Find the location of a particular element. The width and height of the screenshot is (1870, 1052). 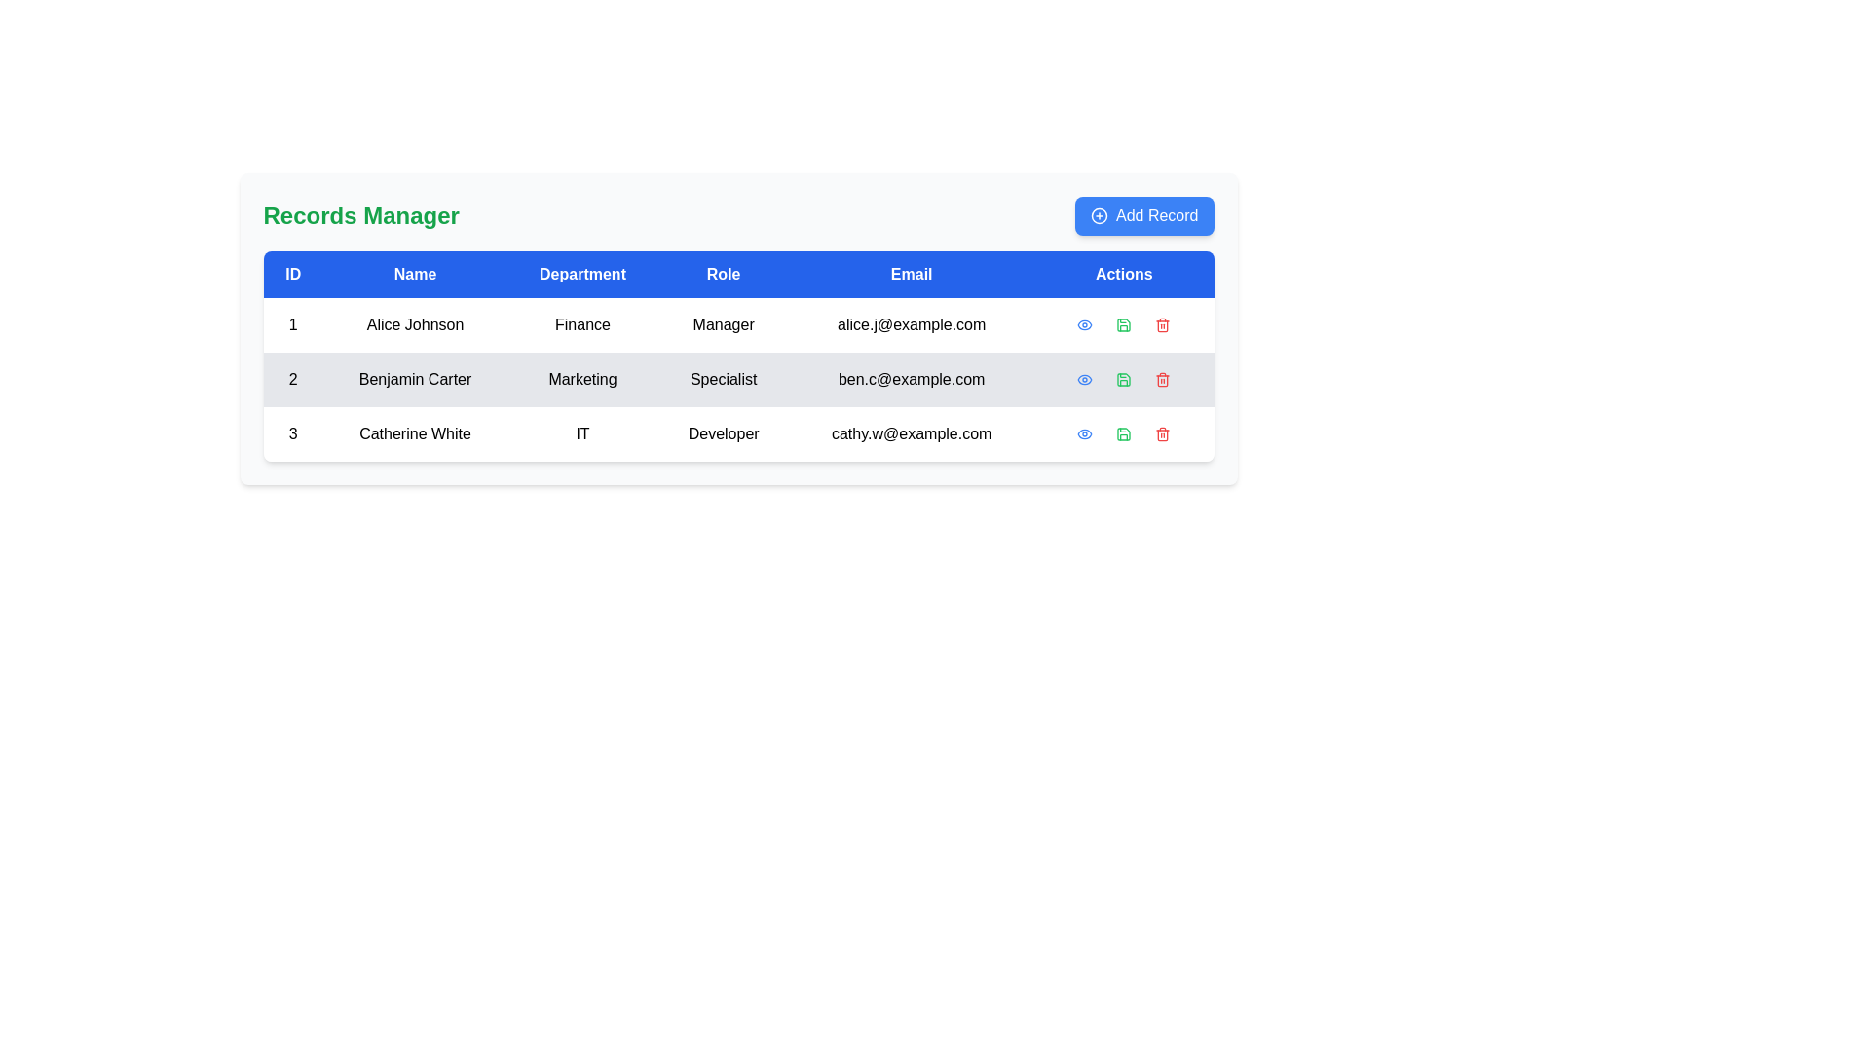

the eye icon in the 'Actions' column for the row corresponding to 'Benjamin Carter', which is typically used to denote visibility or view actions is located at coordinates (1084, 324).